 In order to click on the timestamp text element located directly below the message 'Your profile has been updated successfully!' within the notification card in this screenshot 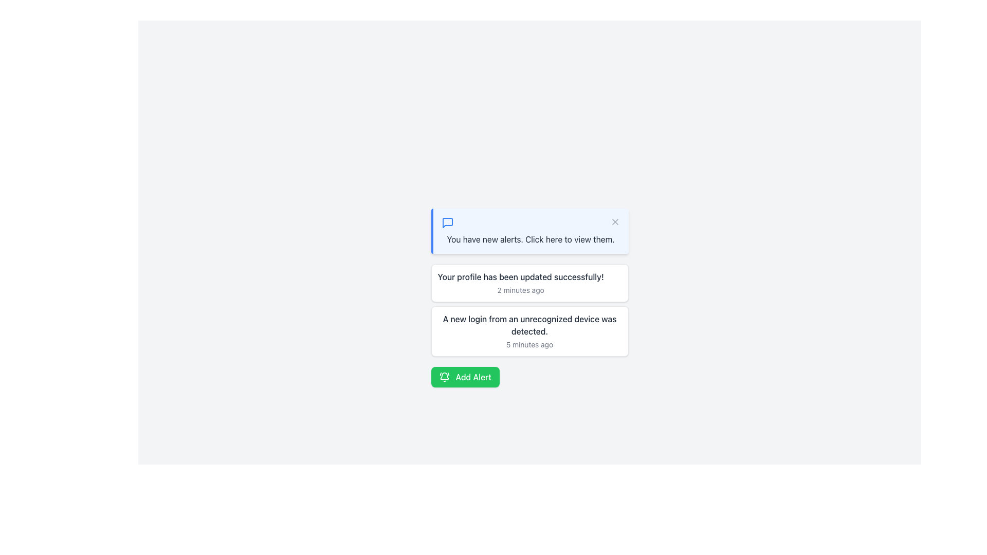, I will do `click(521, 290)`.